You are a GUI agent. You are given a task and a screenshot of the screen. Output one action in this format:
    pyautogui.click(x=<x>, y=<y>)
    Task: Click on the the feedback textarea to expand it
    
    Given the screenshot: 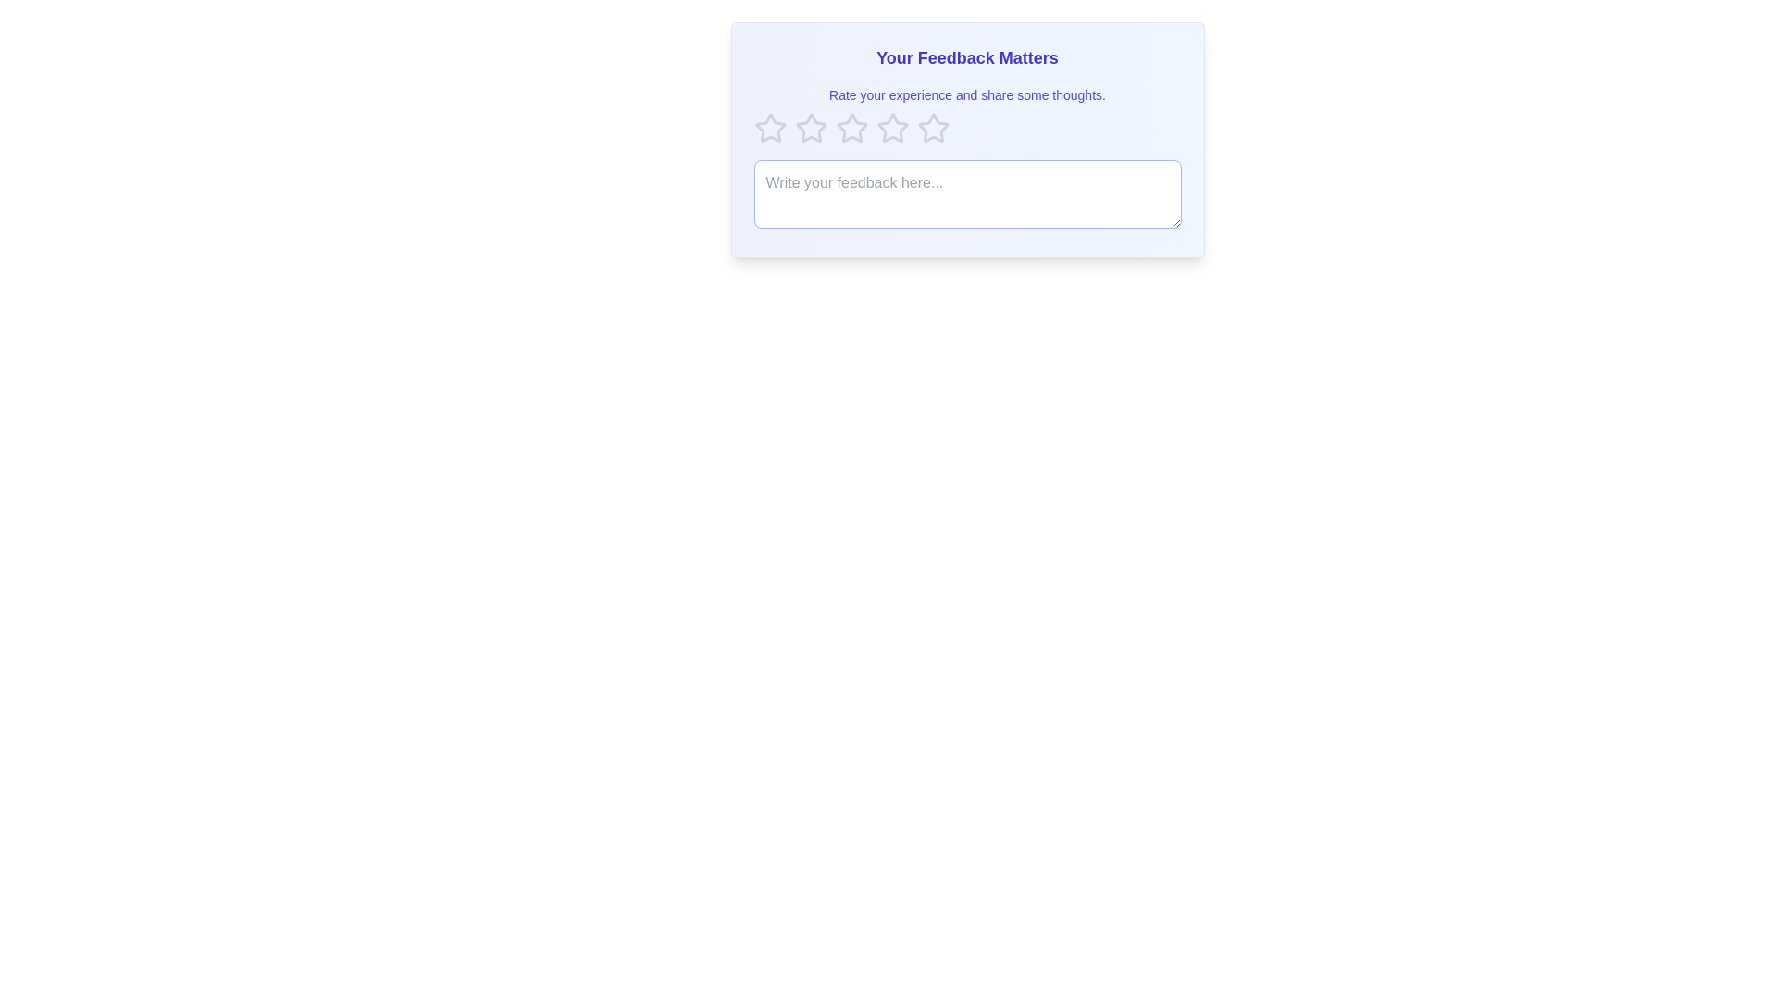 What is the action you would take?
    pyautogui.click(x=966, y=194)
    